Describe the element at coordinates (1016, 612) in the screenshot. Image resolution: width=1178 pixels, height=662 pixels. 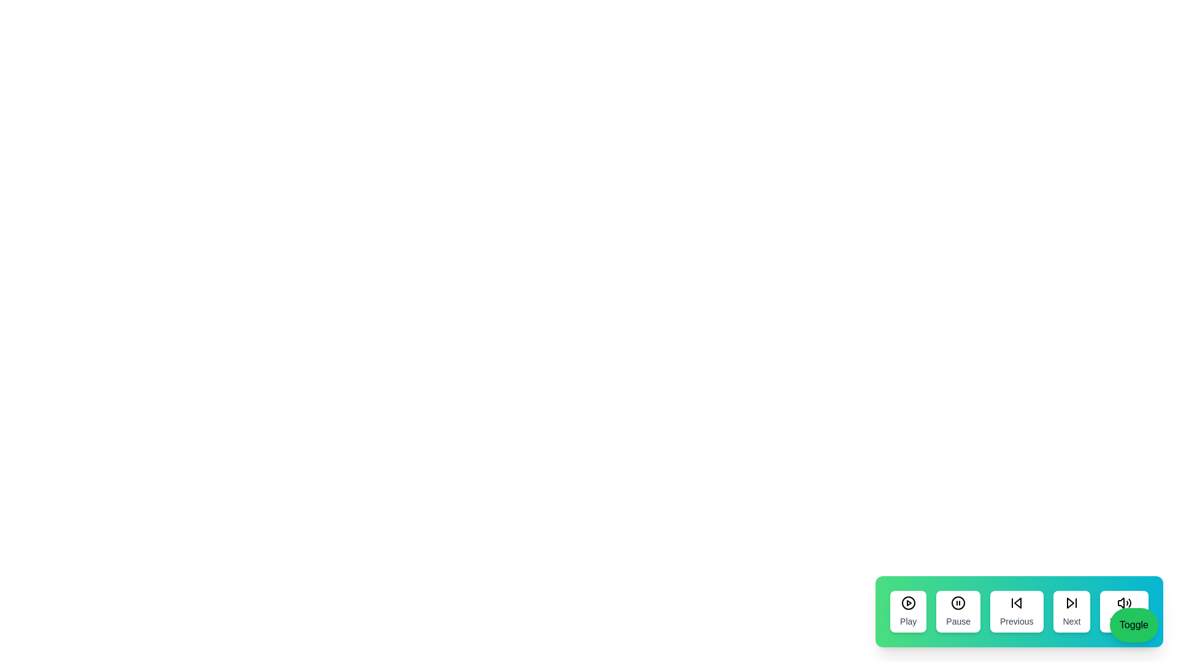
I see `'Previous' button to navigate to the previous media item` at that location.